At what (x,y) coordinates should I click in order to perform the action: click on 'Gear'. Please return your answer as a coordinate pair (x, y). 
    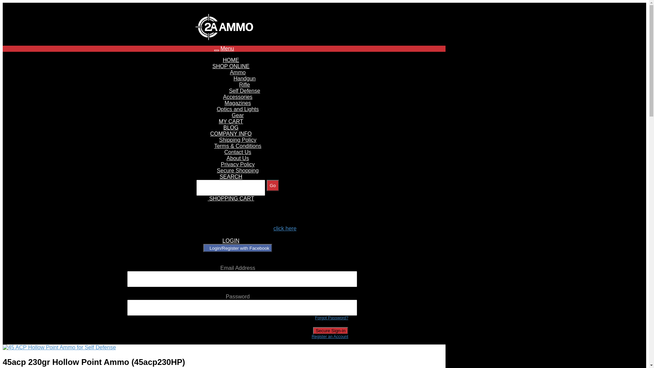
    Looking at the image, I should click on (232, 115).